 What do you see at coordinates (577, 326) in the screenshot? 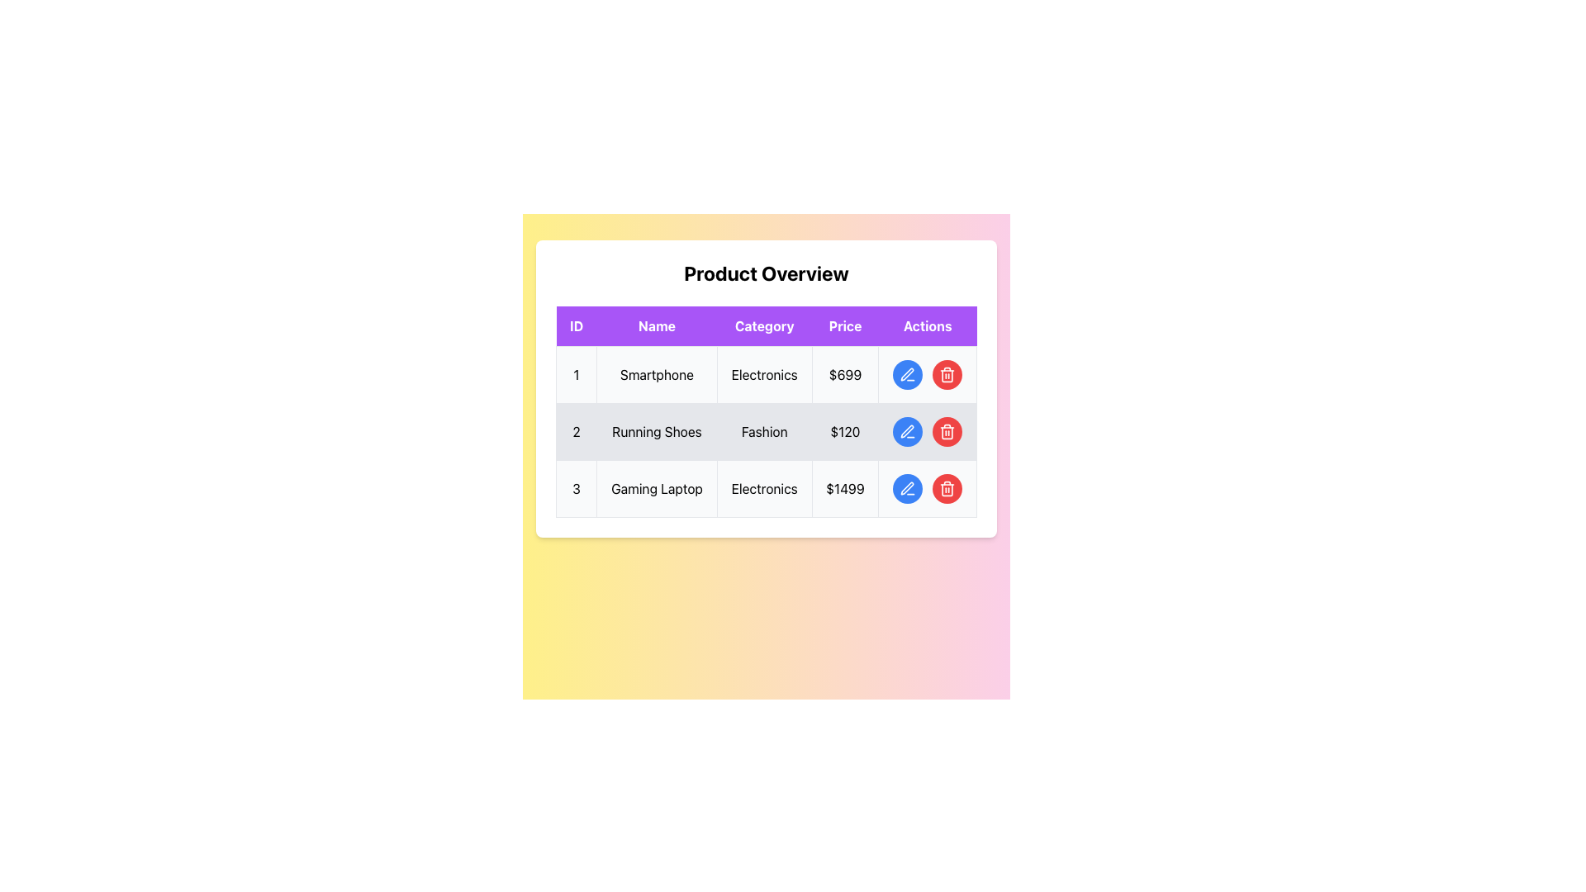
I see `the 'ID' column header cell in the table, which is the first cell in the header row, positioned at the top-left corner of the table` at bounding box center [577, 326].